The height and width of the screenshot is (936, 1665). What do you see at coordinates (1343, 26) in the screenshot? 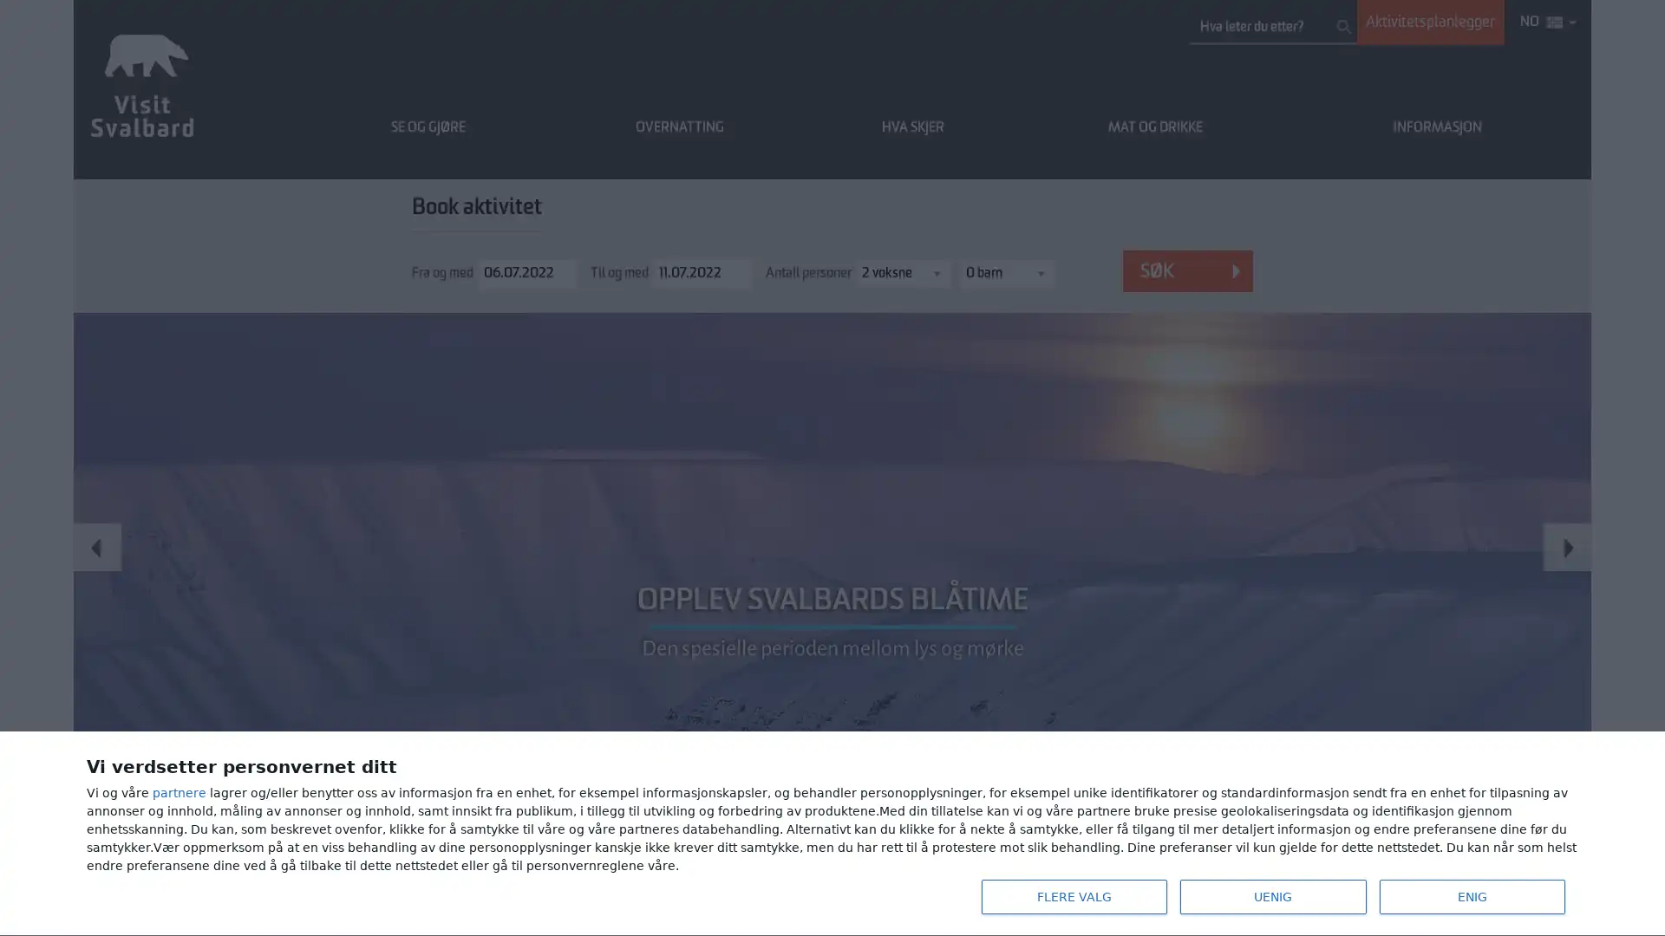
I see `submit` at bounding box center [1343, 26].